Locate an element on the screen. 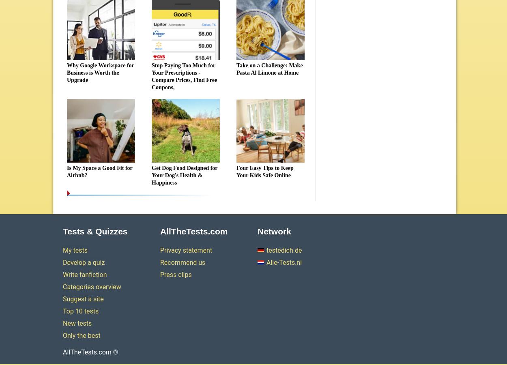 This screenshot has width=507, height=365. 'Recommend us' is located at coordinates (160, 262).